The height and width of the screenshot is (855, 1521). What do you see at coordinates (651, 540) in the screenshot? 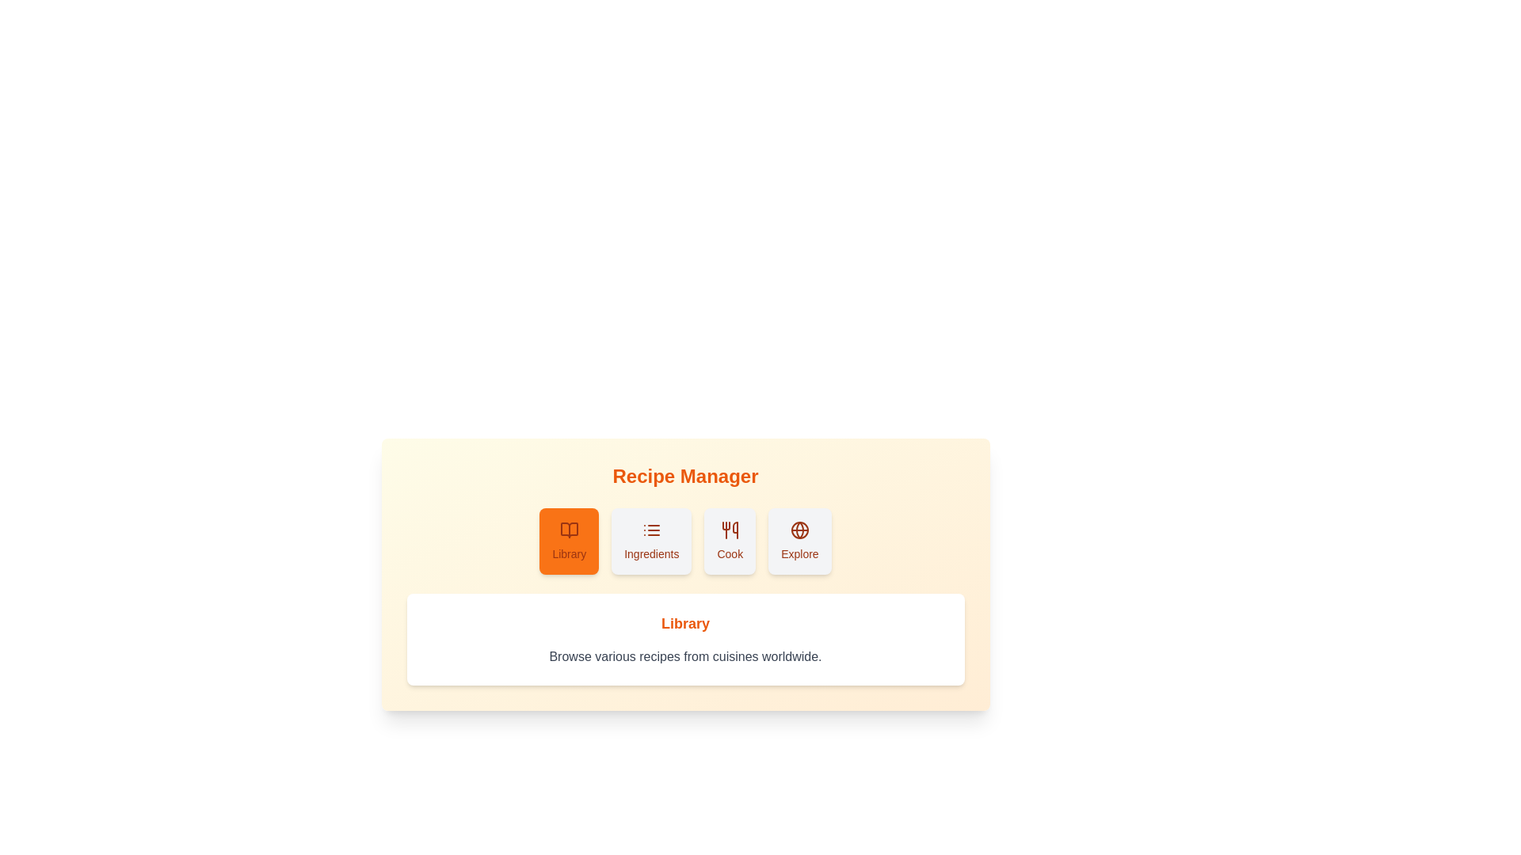
I see `the Ingredients tab in the RecipeCollection component` at bounding box center [651, 540].